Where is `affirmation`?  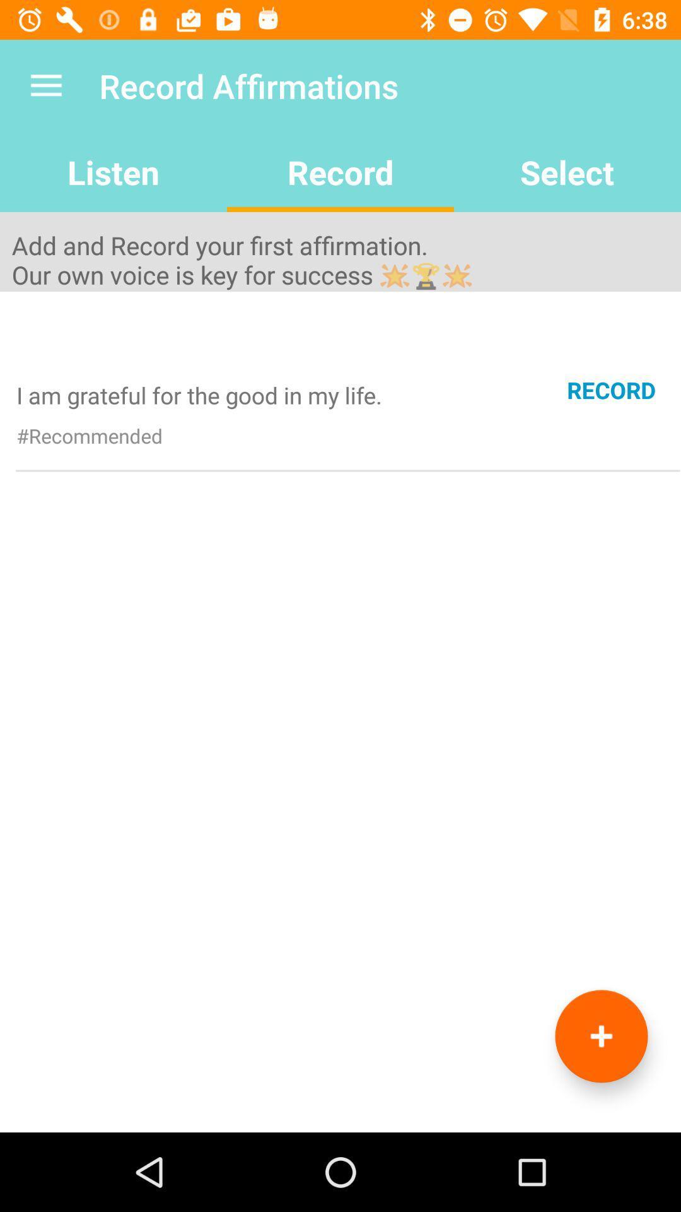
affirmation is located at coordinates (600, 1036).